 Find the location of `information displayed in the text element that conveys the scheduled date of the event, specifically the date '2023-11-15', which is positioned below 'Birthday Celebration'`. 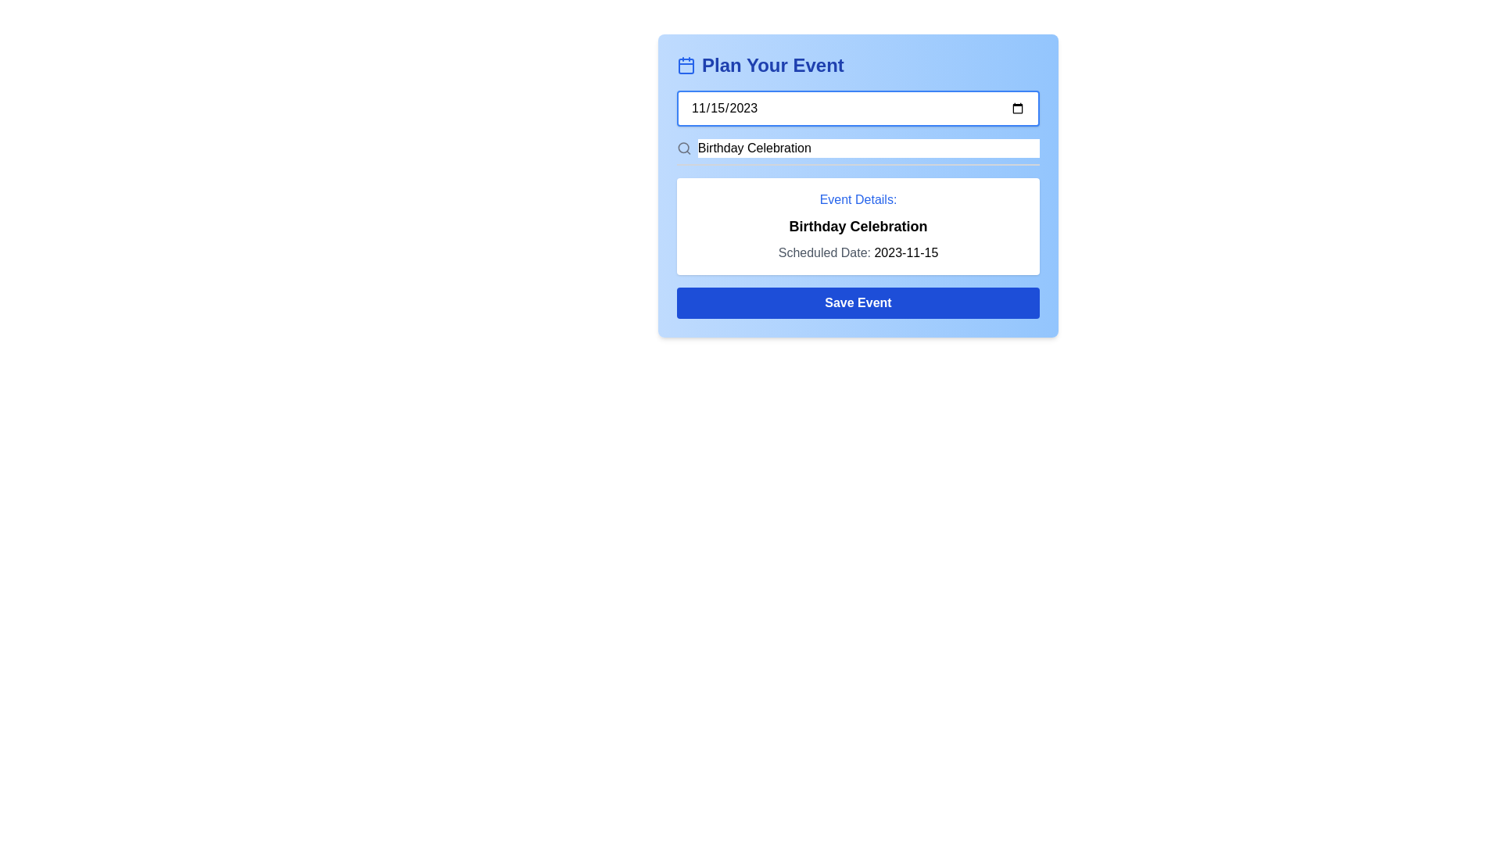

information displayed in the text element that conveys the scheduled date of the event, specifically the date '2023-11-15', which is positioned below 'Birthday Celebration' is located at coordinates (858, 252).